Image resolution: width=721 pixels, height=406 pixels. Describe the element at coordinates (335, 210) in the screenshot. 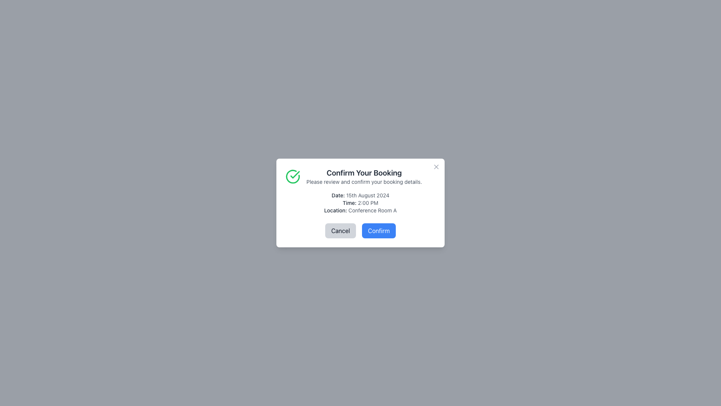

I see `the static text label that identifies the location of the booking, specifically 'Location: Conference Room A', which is located in the confirmation modal dialog box under the 'Time' section` at that location.